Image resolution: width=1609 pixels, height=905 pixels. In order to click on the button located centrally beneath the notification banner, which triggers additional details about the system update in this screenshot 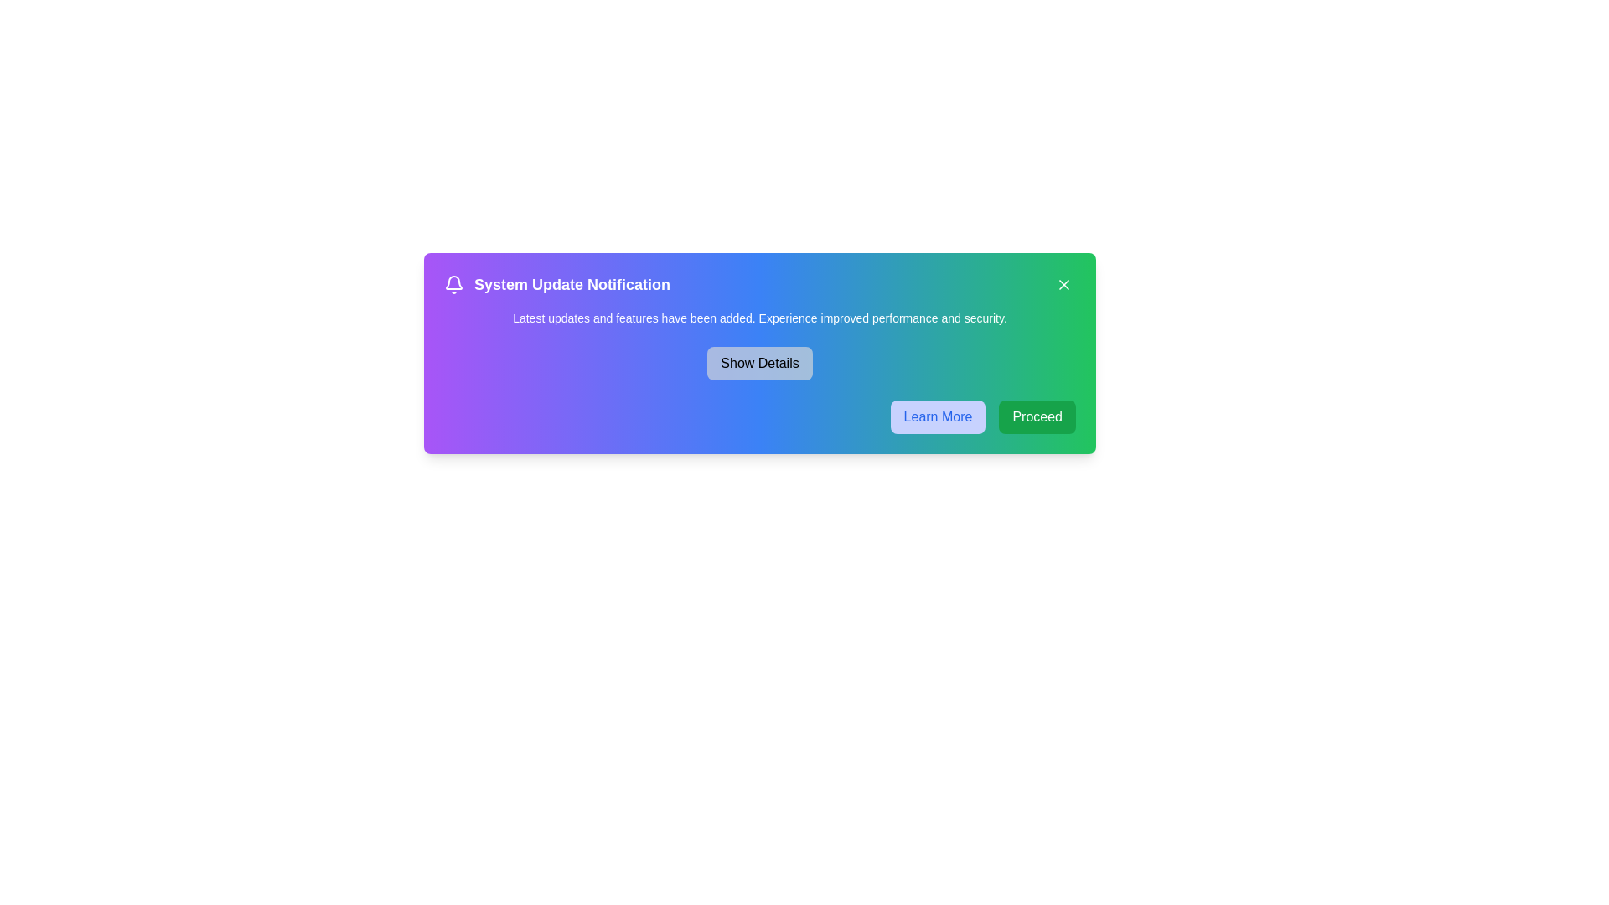, I will do `click(759, 363)`.